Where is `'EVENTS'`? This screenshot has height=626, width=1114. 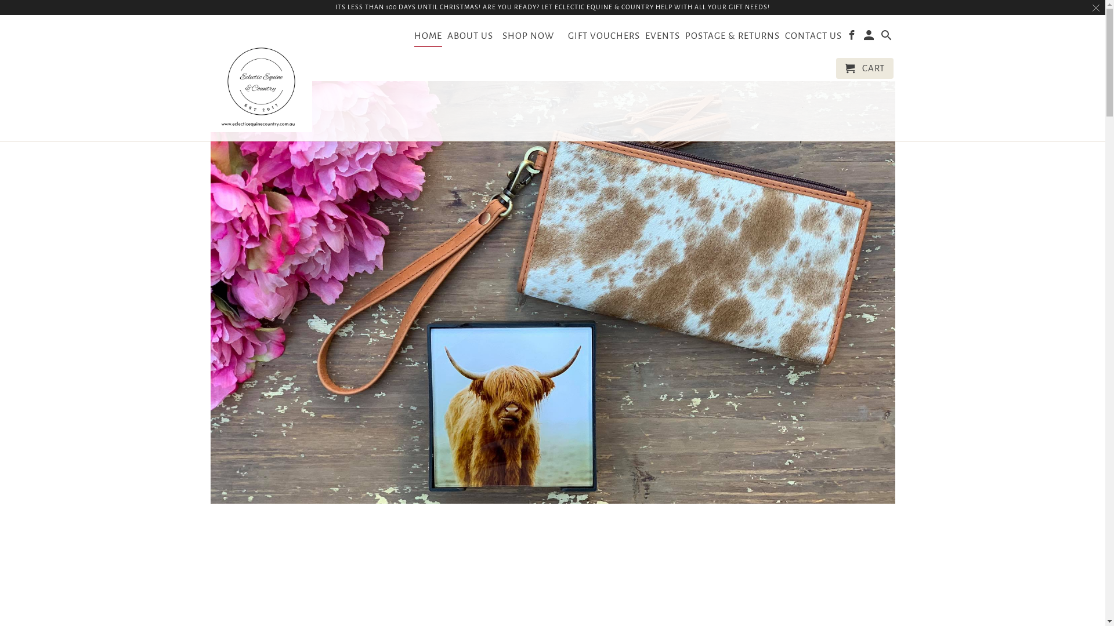
'EVENTS' is located at coordinates (645, 37).